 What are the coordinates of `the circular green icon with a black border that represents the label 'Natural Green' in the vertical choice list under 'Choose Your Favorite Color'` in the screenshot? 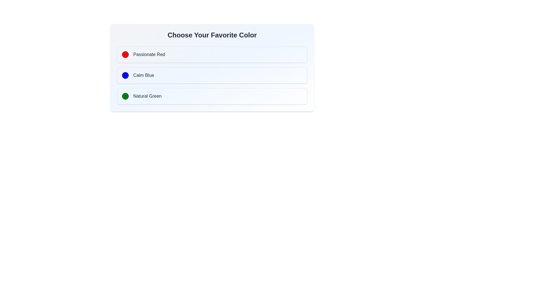 It's located at (125, 96).